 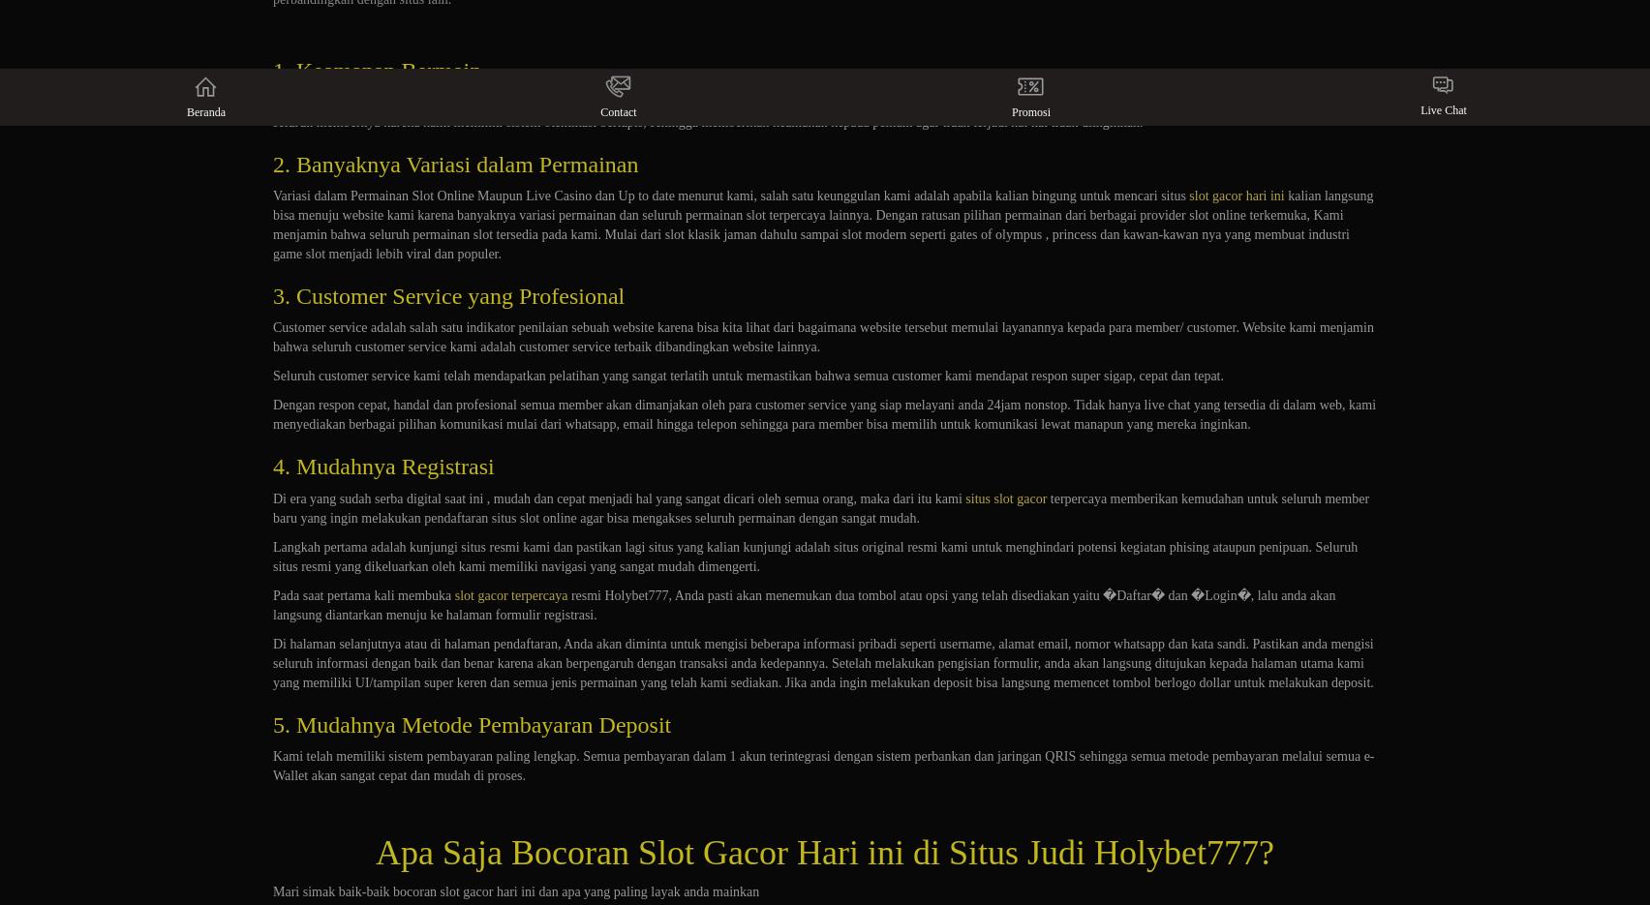 I want to click on 'Dengan respon cepat, handal dan profesional semua member akan dimanjakan oleh para customer service yang siap melayani anda 24jam nonstop. Tidak hanya live chat yang tersedia di dalam web, kami menyediakan berbagai pilihan komunikasi mulai dari whatsapp, email hingga telepon sehingga para member bisa memilih untuk komunikasi lewat manapun yang mereka inginkan.', so click(x=823, y=413).